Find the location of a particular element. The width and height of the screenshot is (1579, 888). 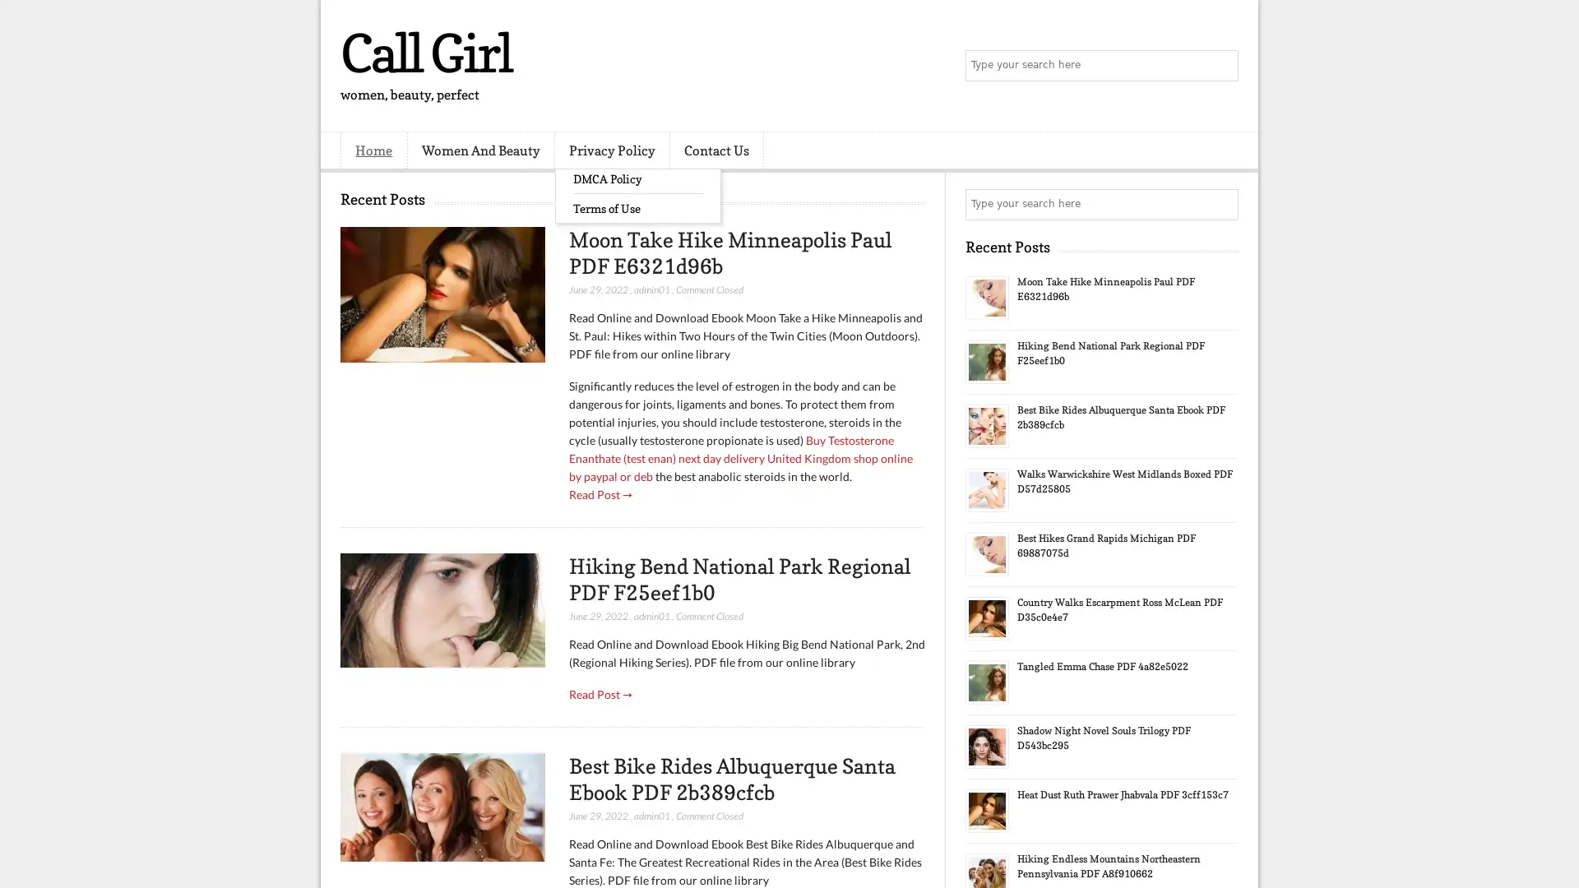

Search is located at coordinates (1221, 66).